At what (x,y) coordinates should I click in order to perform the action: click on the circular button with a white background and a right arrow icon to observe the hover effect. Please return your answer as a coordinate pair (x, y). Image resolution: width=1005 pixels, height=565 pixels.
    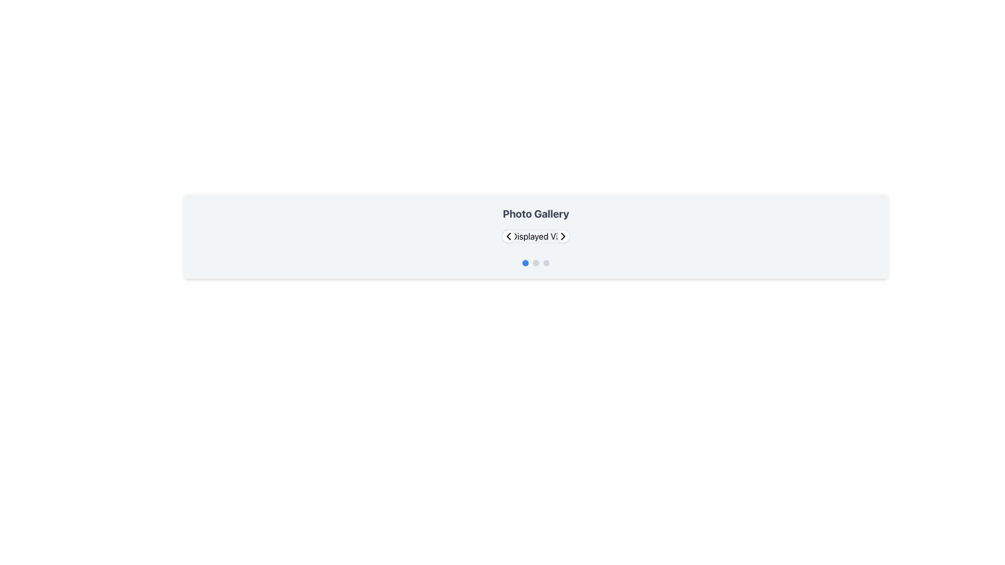
    Looking at the image, I should click on (562, 236).